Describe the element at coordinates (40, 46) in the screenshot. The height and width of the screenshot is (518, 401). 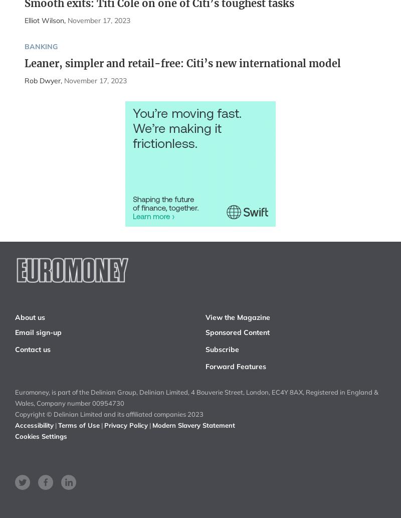
I see `'BANKING'` at that location.